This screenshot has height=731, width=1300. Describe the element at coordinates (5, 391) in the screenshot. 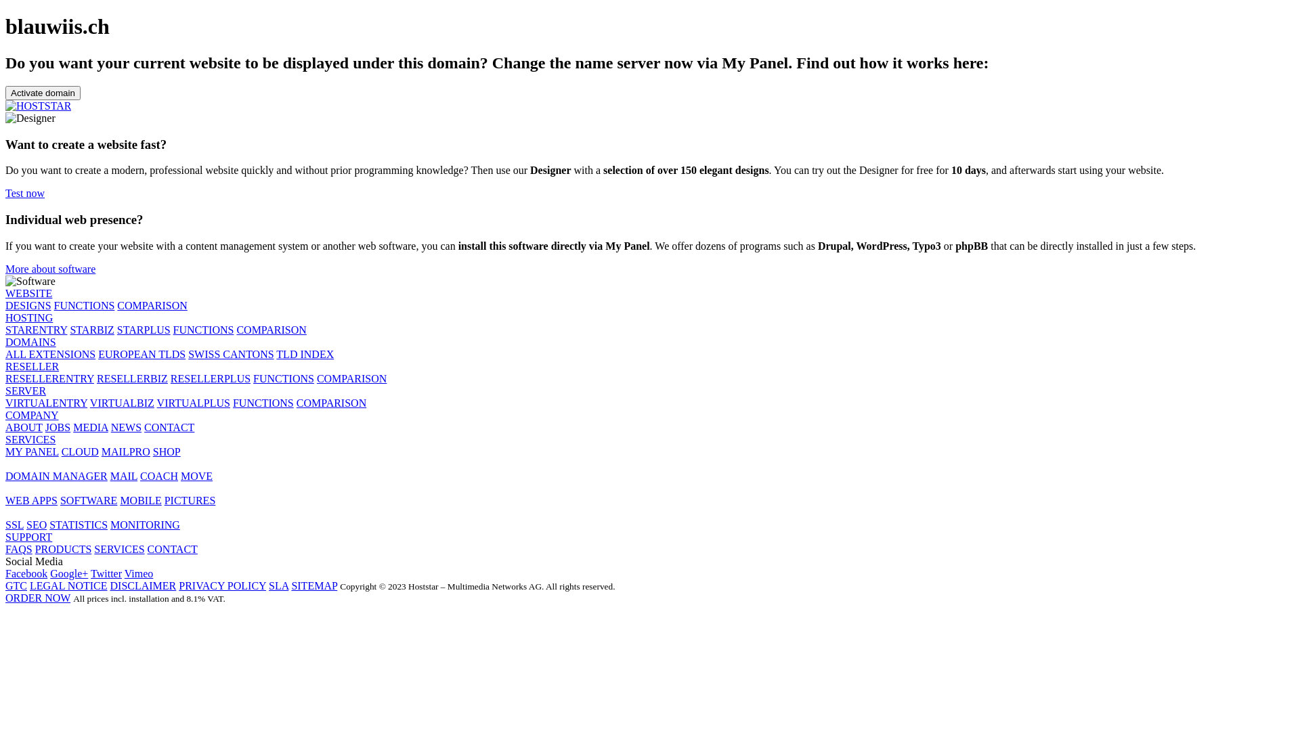

I see `'SERVER'` at that location.